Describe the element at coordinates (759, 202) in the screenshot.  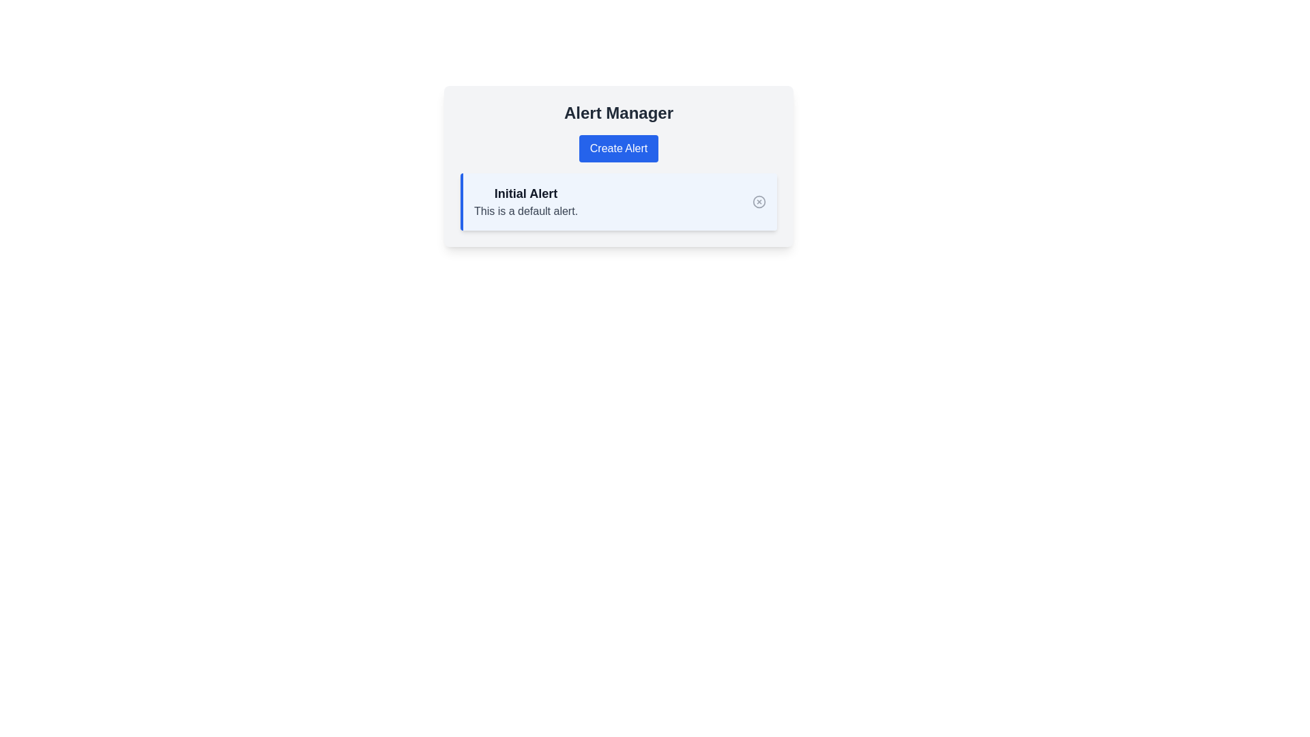
I see `the circular 'X' button with a gray outline located at the top-right corner of the 'Initial Alert' card` at that location.